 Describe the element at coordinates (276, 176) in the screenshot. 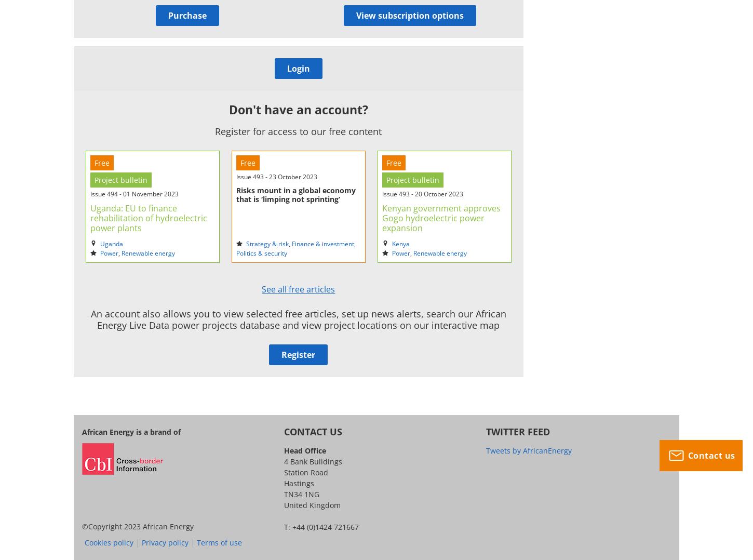

I see `'Issue 493
                                     - 23 October 2023'` at that location.